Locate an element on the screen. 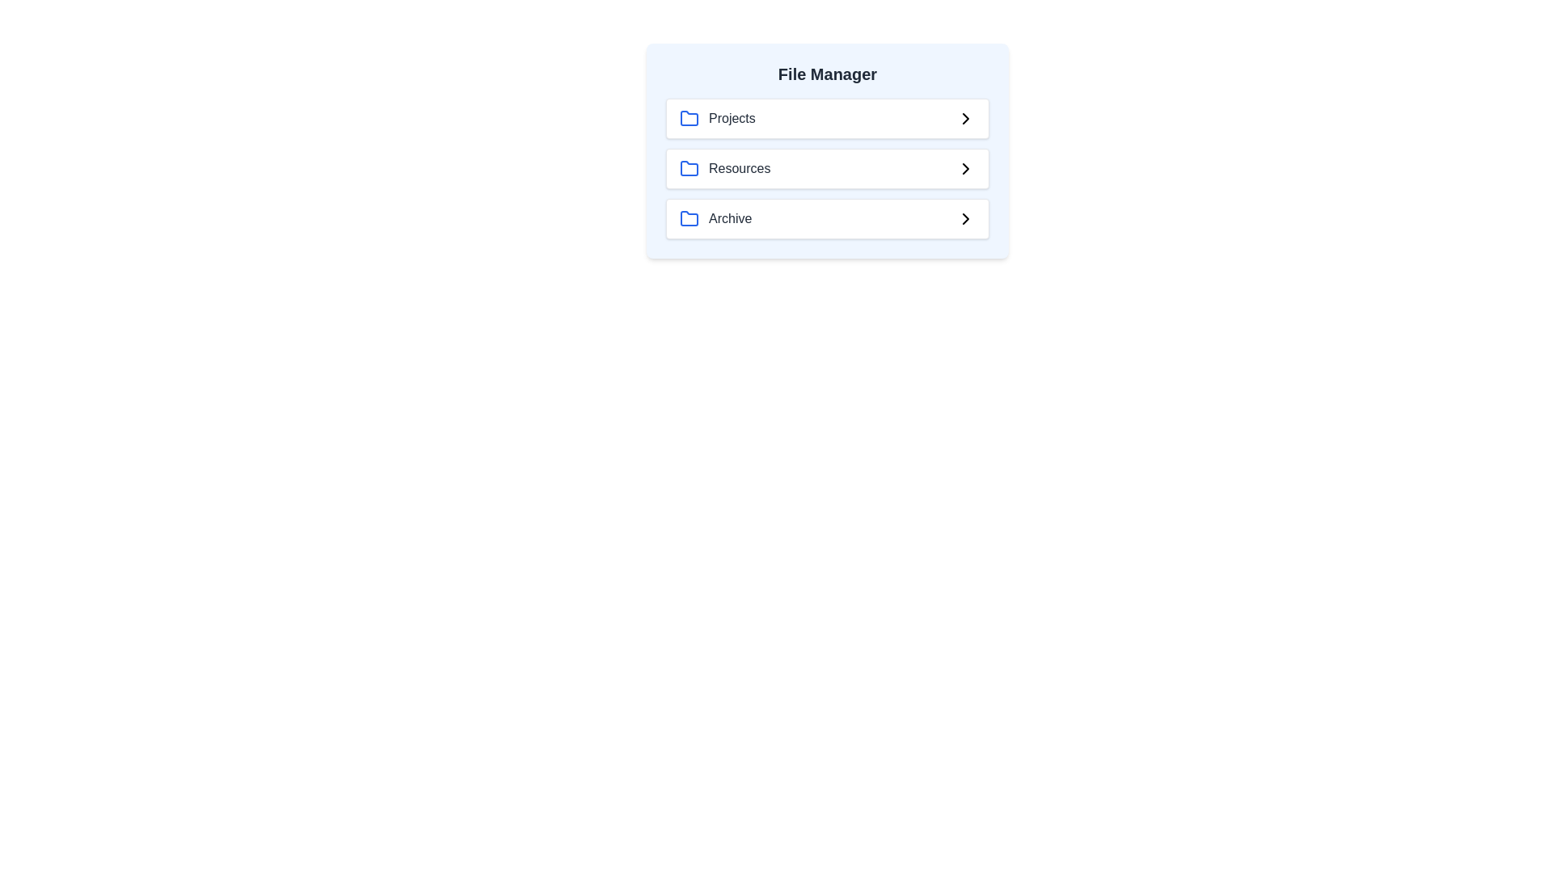  the third navigation link labeled 'Archive' is located at coordinates (715, 218).